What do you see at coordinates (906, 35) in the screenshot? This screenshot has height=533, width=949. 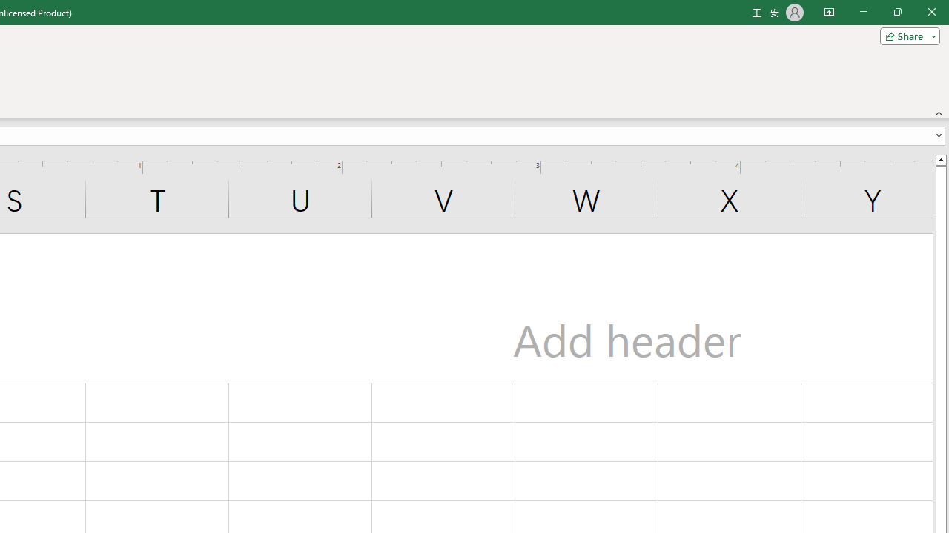 I see `'Share'` at bounding box center [906, 35].